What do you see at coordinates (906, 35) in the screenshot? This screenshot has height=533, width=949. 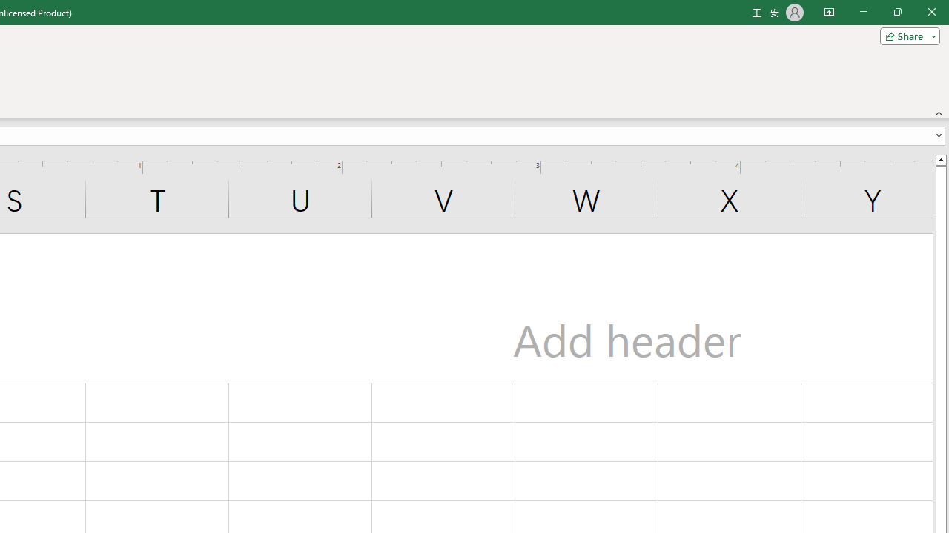 I see `'Share'` at bounding box center [906, 35].